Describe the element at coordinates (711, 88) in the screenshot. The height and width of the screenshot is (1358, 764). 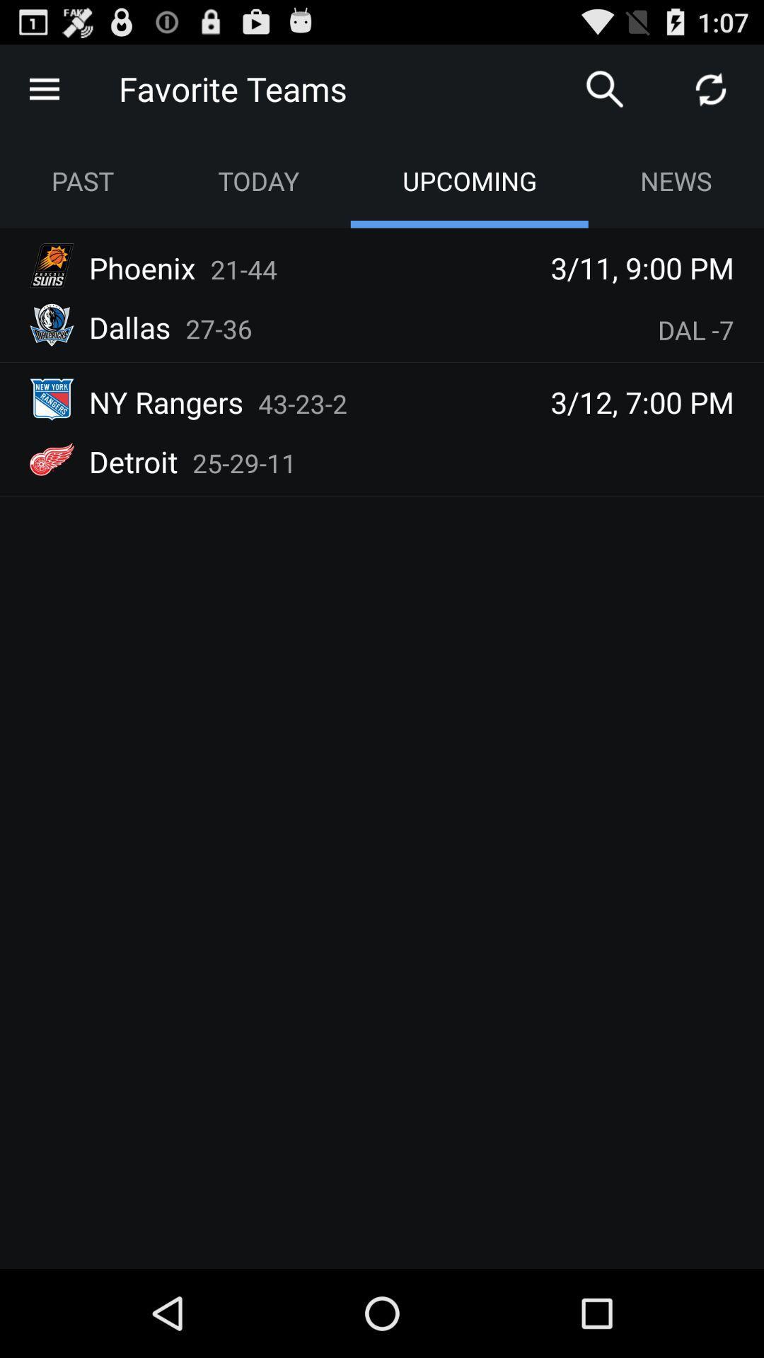
I see `refresh` at that location.